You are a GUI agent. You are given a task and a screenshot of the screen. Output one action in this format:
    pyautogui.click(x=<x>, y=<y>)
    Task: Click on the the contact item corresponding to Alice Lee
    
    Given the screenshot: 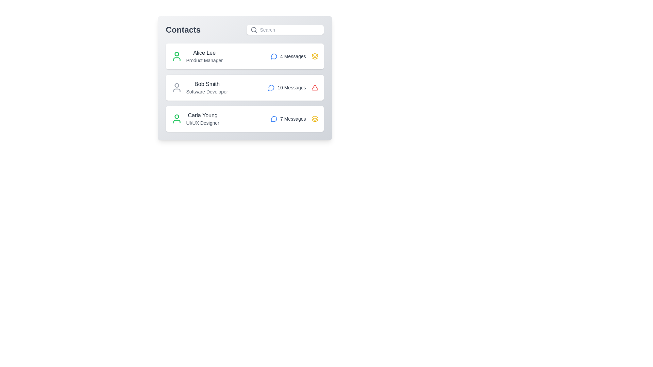 What is the action you would take?
    pyautogui.click(x=245, y=56)
    